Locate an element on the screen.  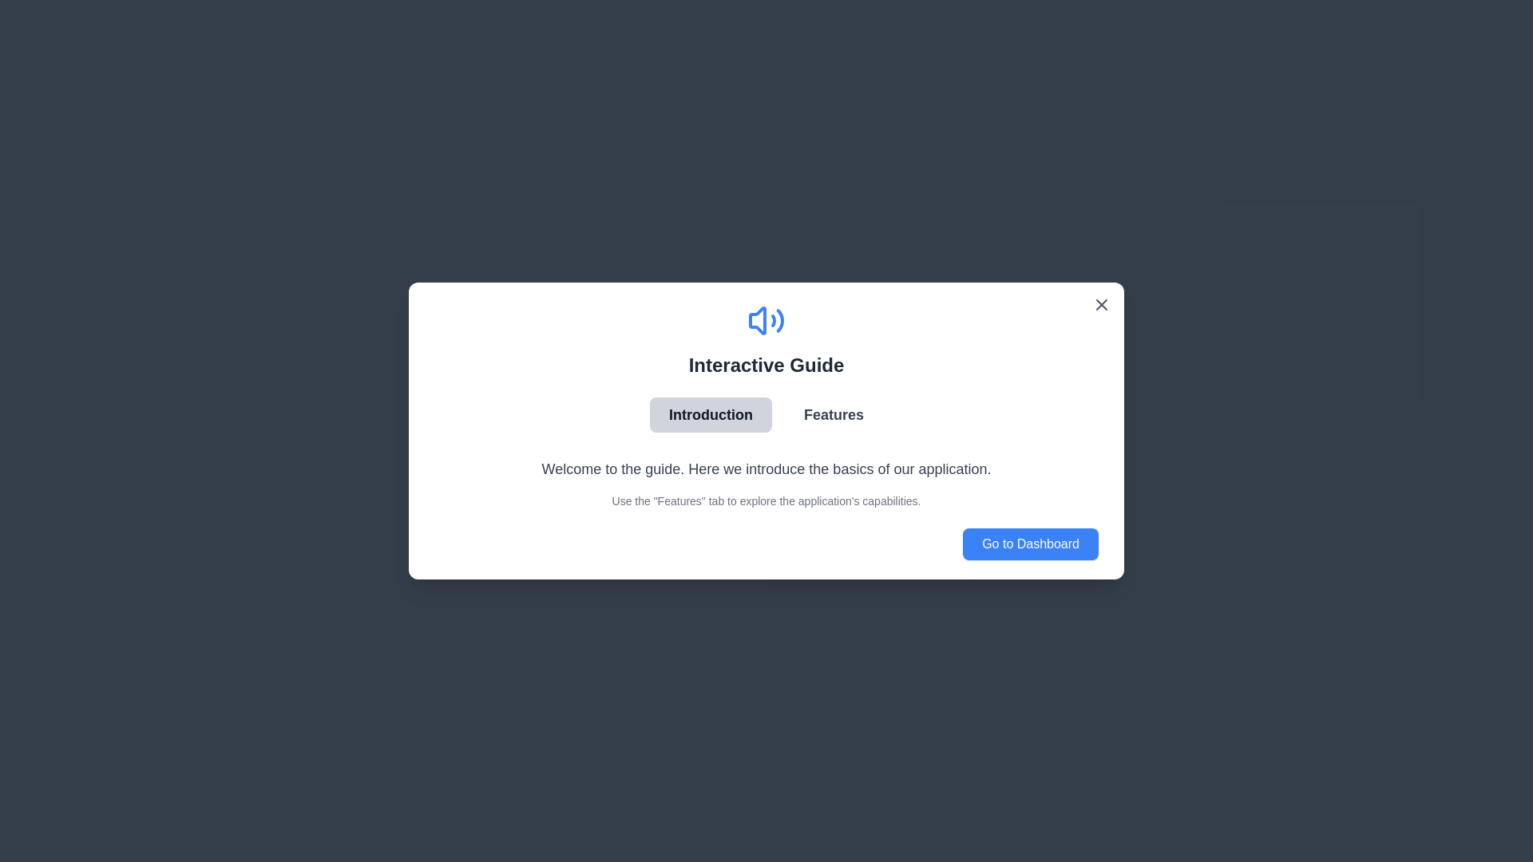
the blue button labeled 'Go to Dashboard' located at the bottom right corner of the card layout is located at coordinates (1031, 544).